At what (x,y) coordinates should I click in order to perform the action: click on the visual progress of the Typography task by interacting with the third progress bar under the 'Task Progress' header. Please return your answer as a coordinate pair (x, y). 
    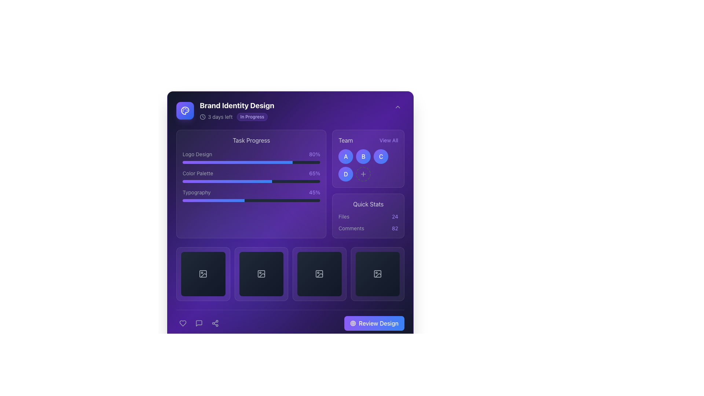
    Looking at the image, I should click on (251, 195).